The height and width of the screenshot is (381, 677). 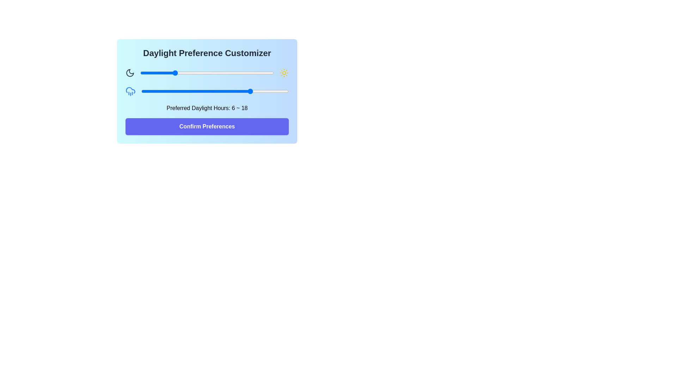 I want to click on the range slider that allows users to select a value from 0 to 24, positioned below a cloud icon and above the numeric display labeled 'Preferred Daylight Hours: 6 ~ 18', so click(x=214, y=91).